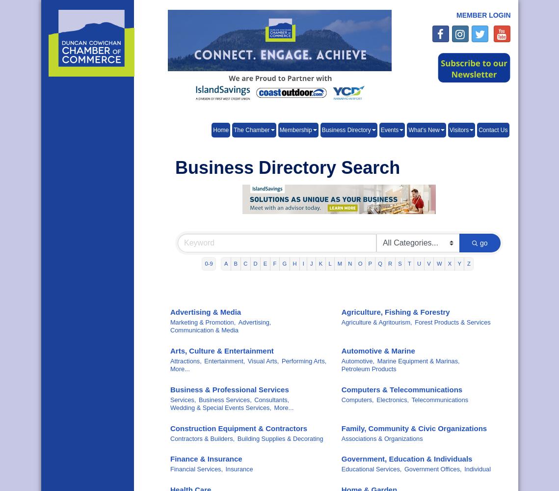 The image size is (559, 491). What do you see at coordinates (274, 264) in the screenshot?
I see `'F'` at bounding box center [274, 264].